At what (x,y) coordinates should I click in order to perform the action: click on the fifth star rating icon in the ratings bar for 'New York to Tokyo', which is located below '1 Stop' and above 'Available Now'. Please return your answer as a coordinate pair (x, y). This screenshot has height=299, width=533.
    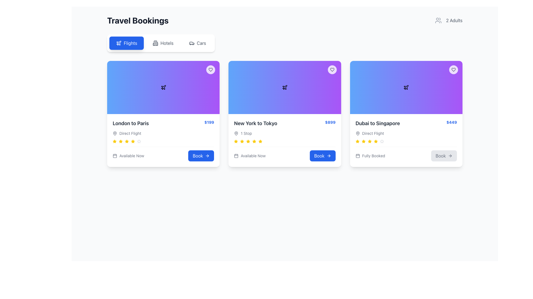
    Looking at the image, I should click on (248, 141).